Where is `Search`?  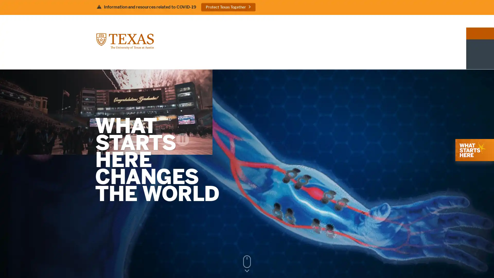 Search is located at coordinates (390, 21).